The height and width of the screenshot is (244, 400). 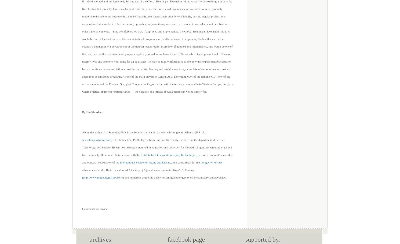 What do you see at coordinates (92, 112) in the screenshot?
I see `'By Ilia Stambler'` at bounding box center [92, 112].